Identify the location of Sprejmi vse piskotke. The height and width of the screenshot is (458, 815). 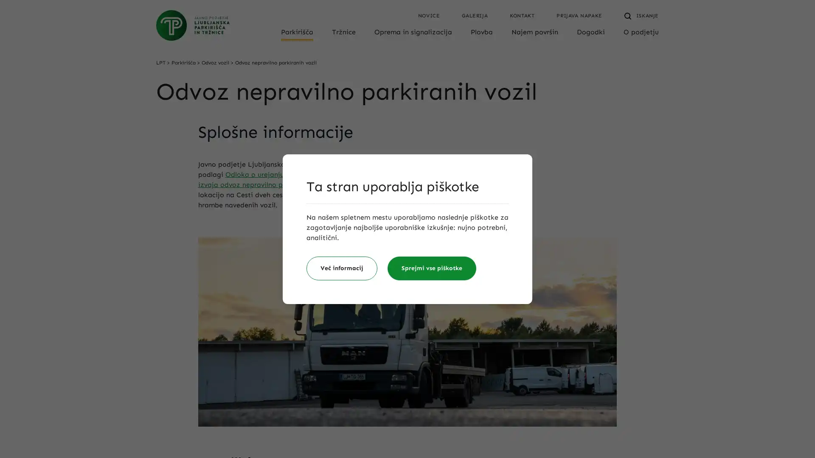
(432, 268).